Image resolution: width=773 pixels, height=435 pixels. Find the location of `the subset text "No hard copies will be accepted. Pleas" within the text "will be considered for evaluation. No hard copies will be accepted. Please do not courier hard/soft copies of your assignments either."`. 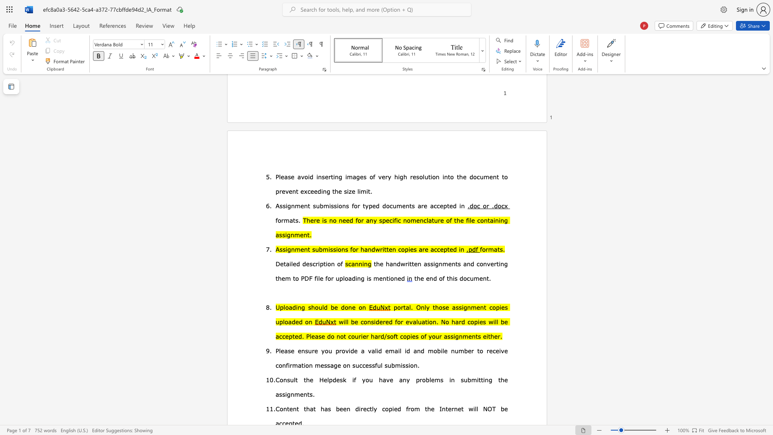

the subset text "No hard copies will be accepted. Pleas" within the text "will be considered for evaluation. No hard copies will be accepted. Please do not courier hard/soft copies of your assignments either." is located at coordinates (440, 321).